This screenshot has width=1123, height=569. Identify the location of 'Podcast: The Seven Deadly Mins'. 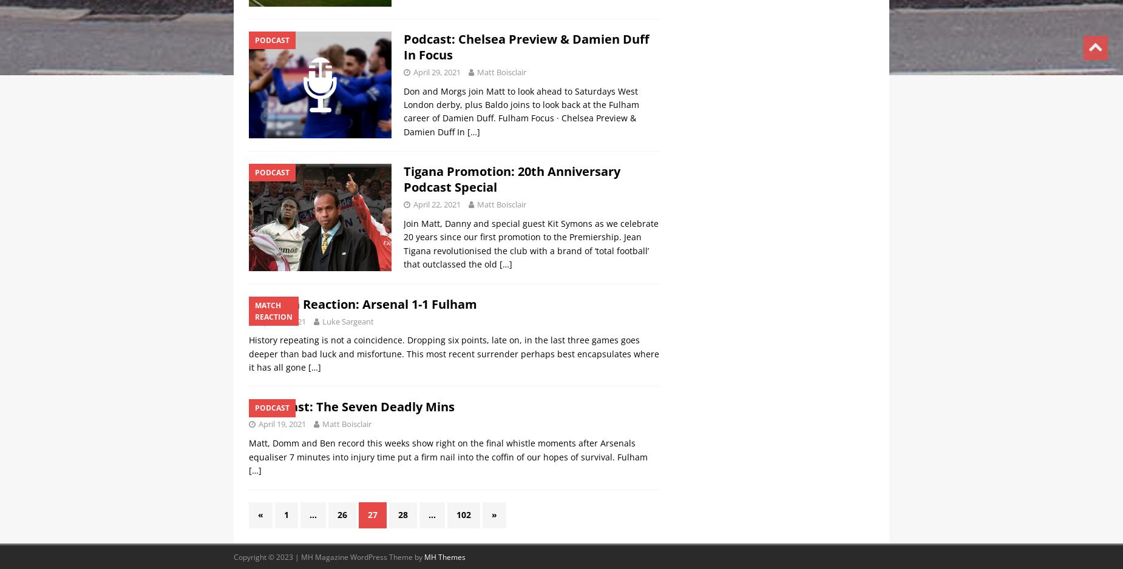
(358, 435).